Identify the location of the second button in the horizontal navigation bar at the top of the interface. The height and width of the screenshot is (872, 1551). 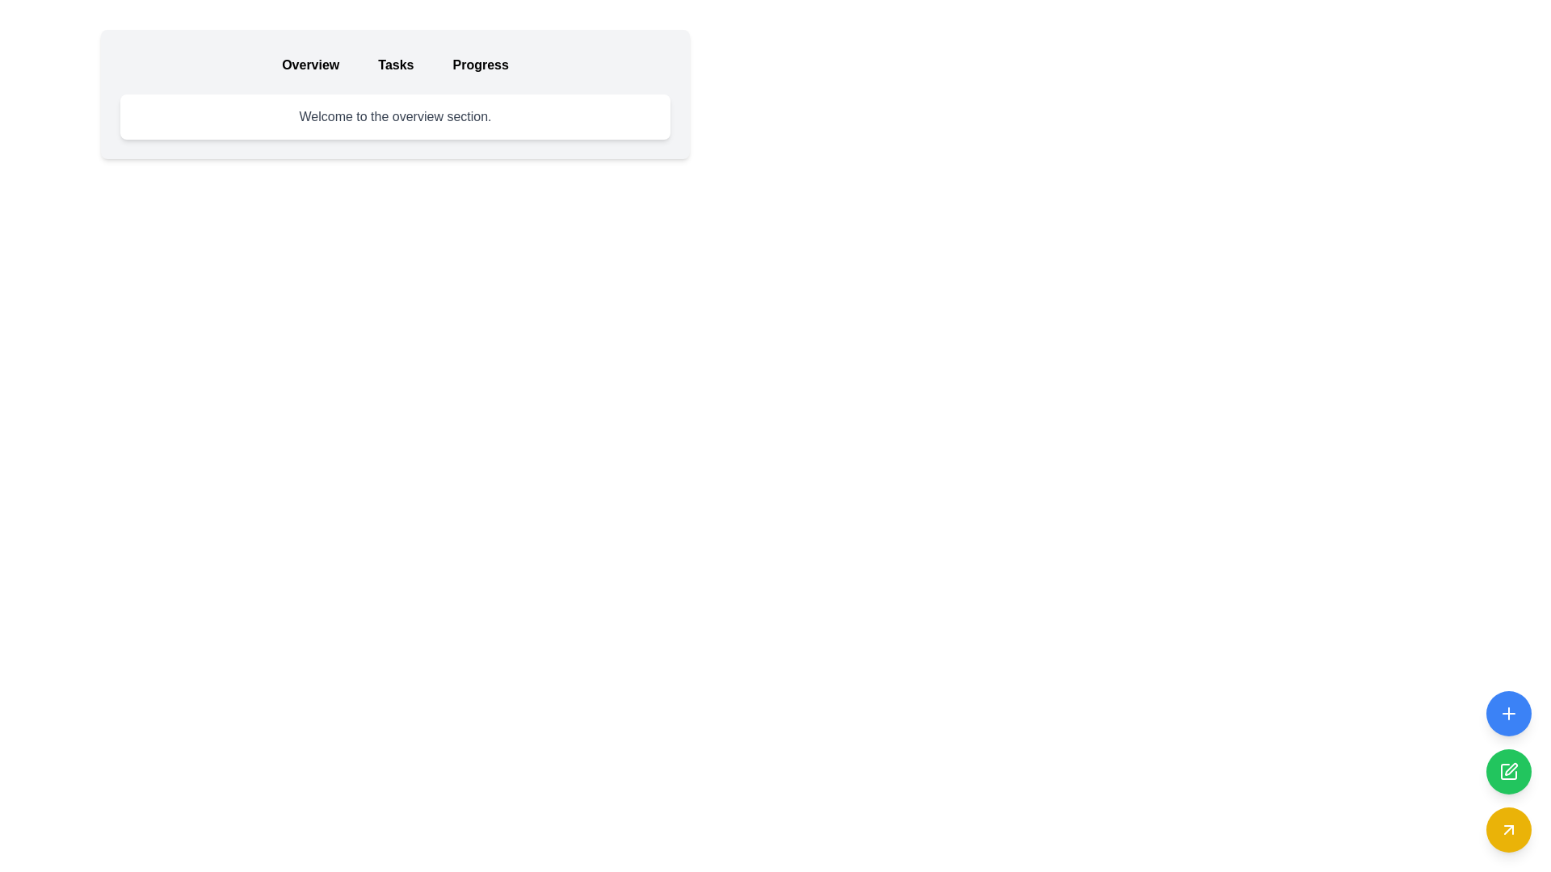
(396, 65).